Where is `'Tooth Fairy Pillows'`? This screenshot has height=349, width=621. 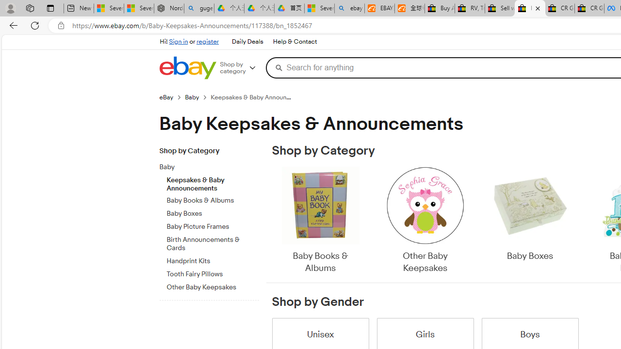 'Tooth Fairy Pillows' is located at coordinates (212, 274).